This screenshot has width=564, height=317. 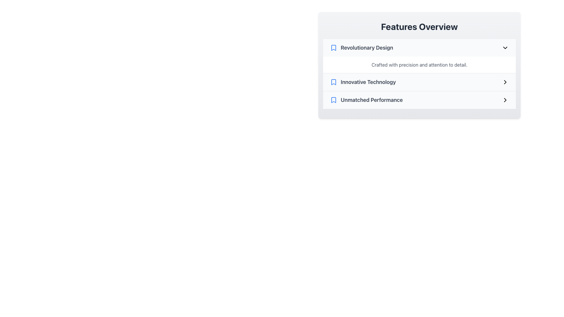 What do you see at coordinates (367, 47) in the screenshot?
I see `the text label displaying 'Revolutionary Design' in bold gray color, which is the first item in the 'Features Overview' section, accompanied by a blue bookmark icon` at bounding box center [367, 47].